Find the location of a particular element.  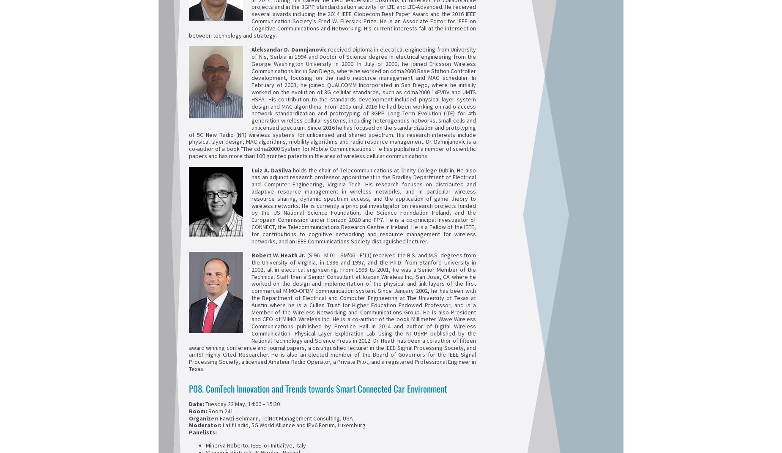

'Panelists:' is located at coordinates (203, 432).